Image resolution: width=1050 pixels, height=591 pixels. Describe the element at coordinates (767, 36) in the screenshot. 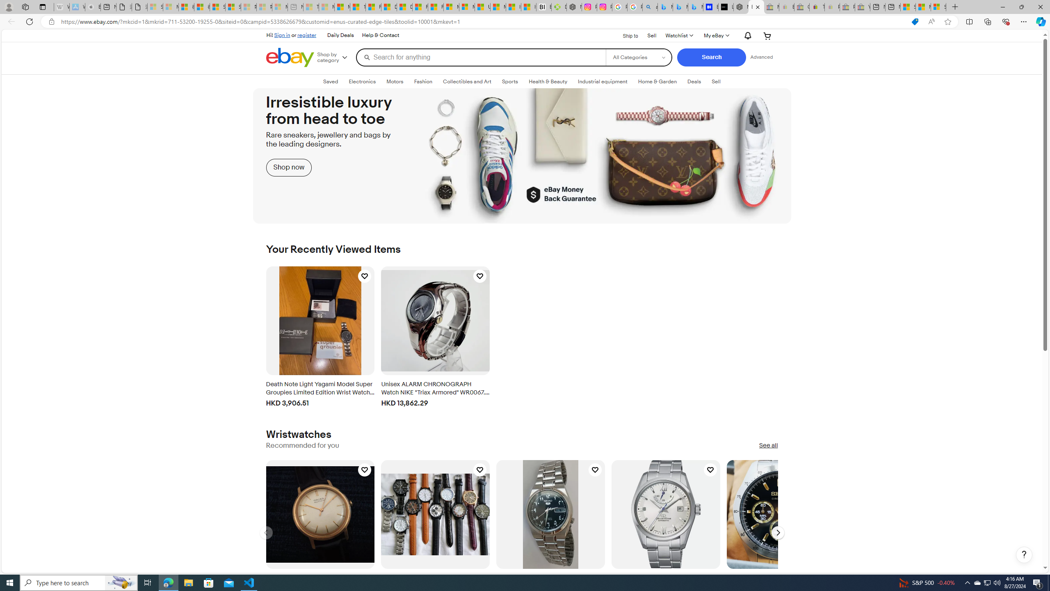

I see `'Expand Cart'` at that location.